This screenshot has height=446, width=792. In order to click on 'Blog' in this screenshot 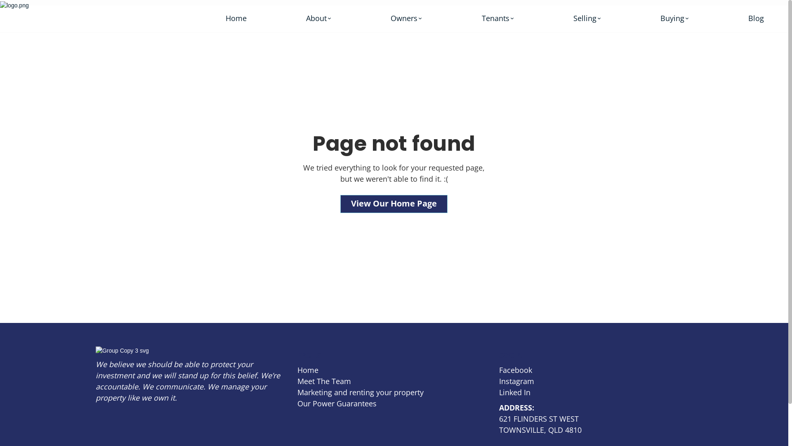, I will do `click(756, 18)`.